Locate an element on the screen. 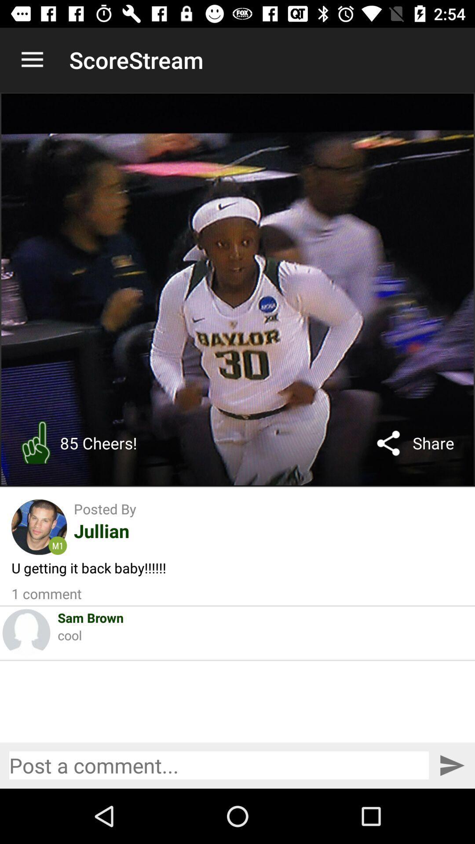  leave a comment is located at coordinates (218, 765).